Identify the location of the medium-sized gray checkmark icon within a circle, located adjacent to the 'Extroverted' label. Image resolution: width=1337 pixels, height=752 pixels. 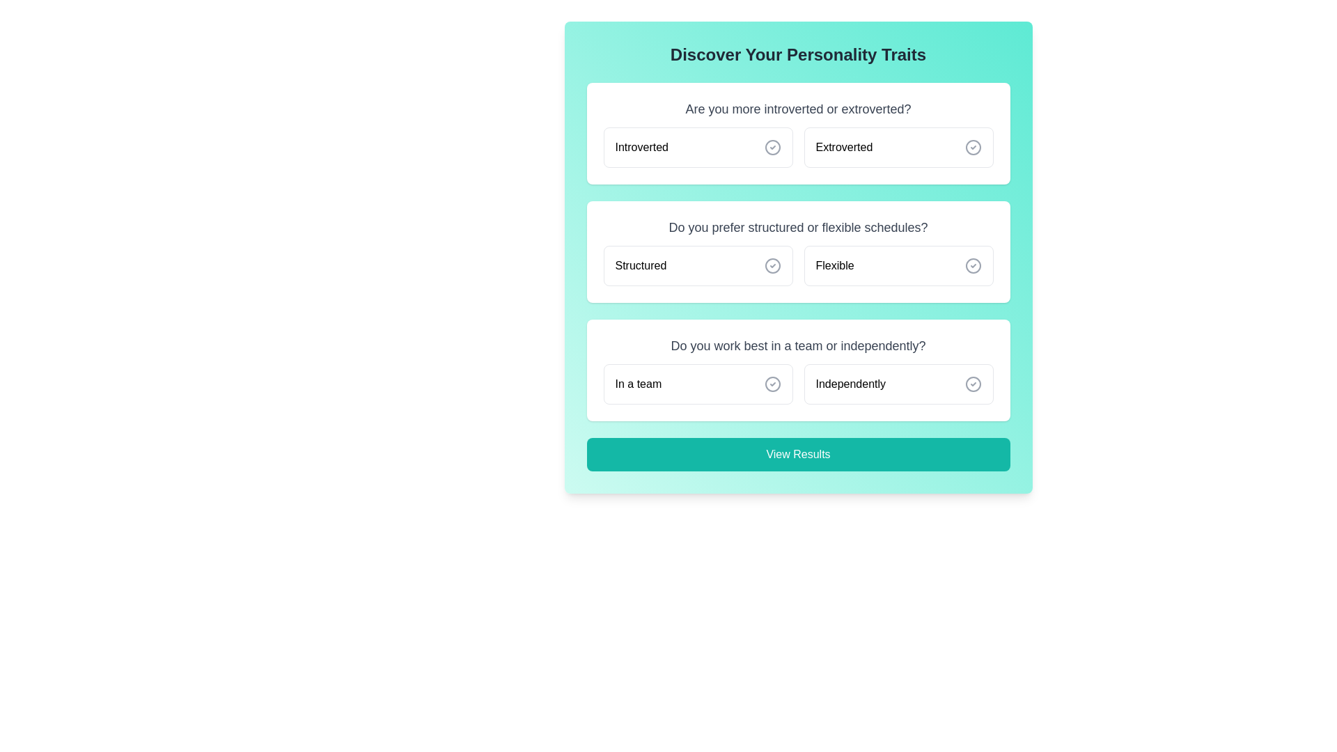
(972, 148).